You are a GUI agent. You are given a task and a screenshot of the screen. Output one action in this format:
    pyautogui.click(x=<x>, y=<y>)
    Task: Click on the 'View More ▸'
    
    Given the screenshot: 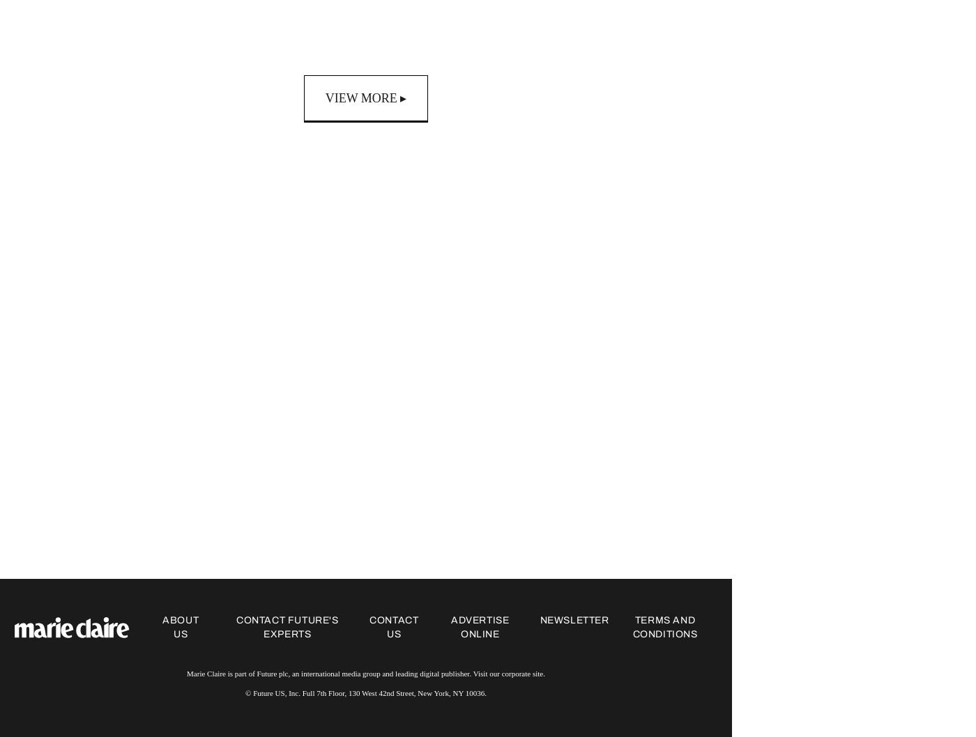 What is the action you would take?
    pyautogui.click(x=365, y=98)
    